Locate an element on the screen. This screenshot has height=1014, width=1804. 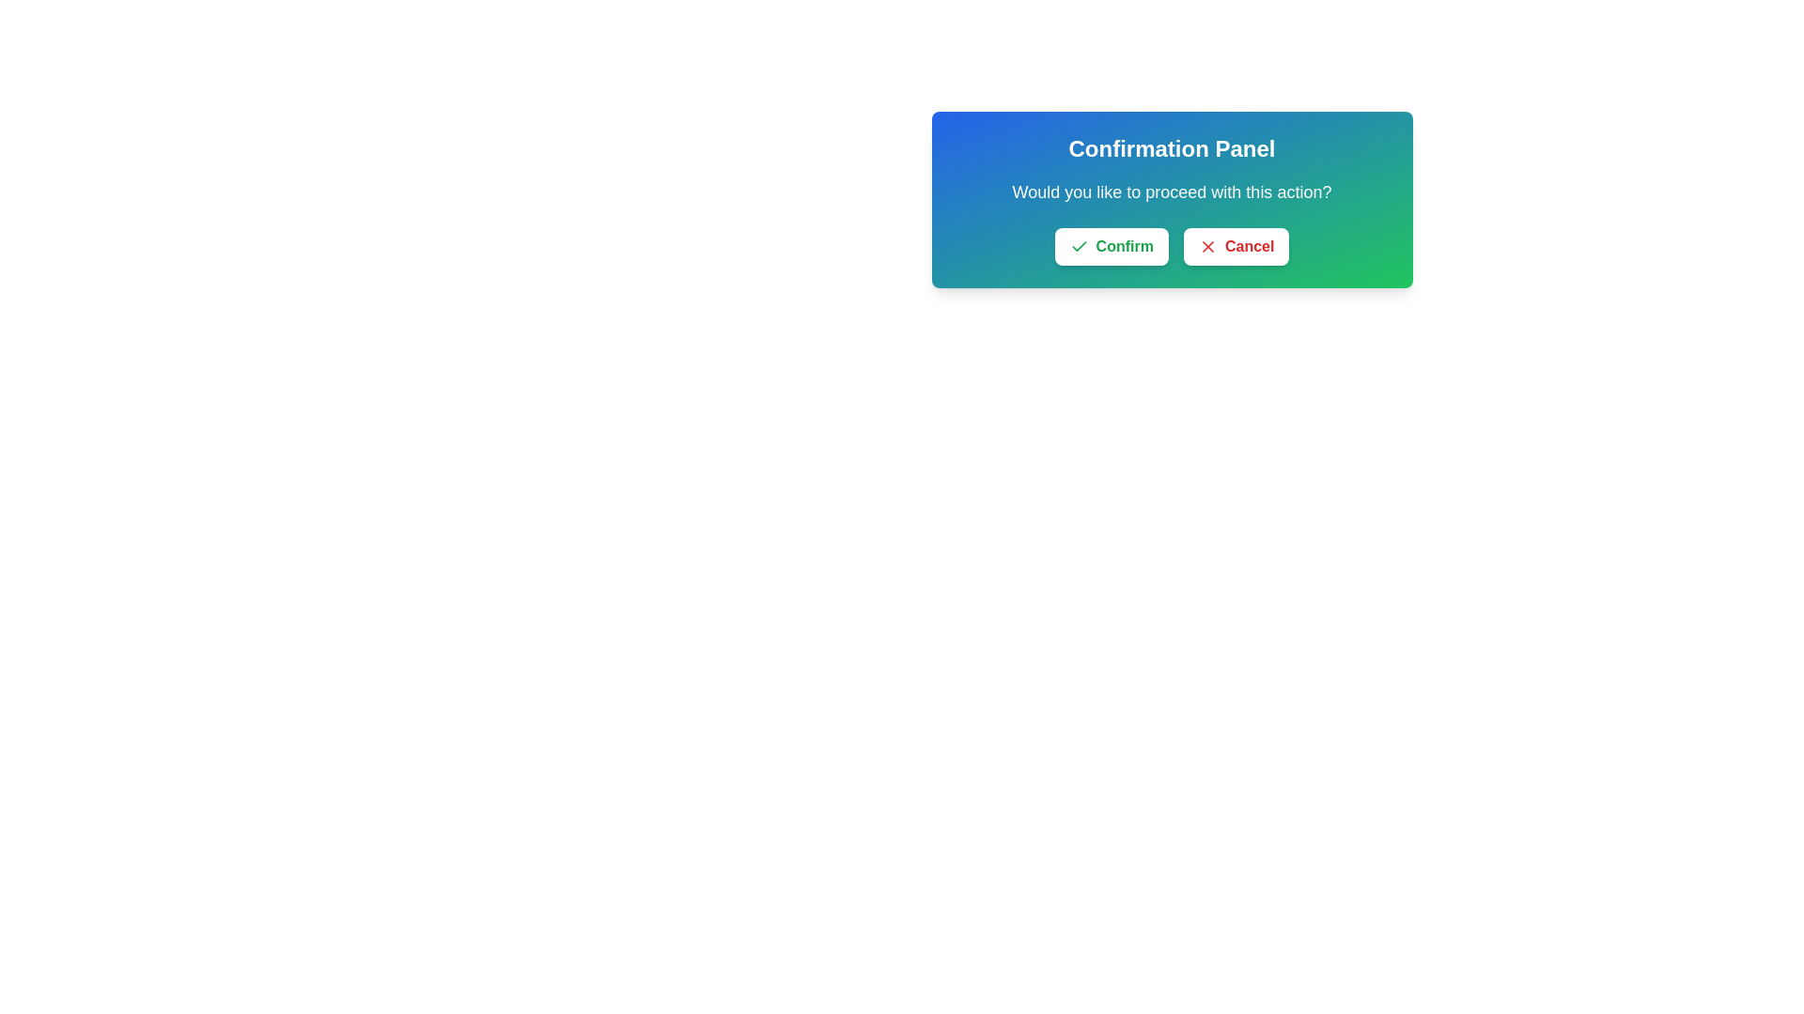
the 'Confirm' button, which contains a green checkmark icon on the left side of the button's text in the confirmation dialog is located at coordinates (1079, 245).